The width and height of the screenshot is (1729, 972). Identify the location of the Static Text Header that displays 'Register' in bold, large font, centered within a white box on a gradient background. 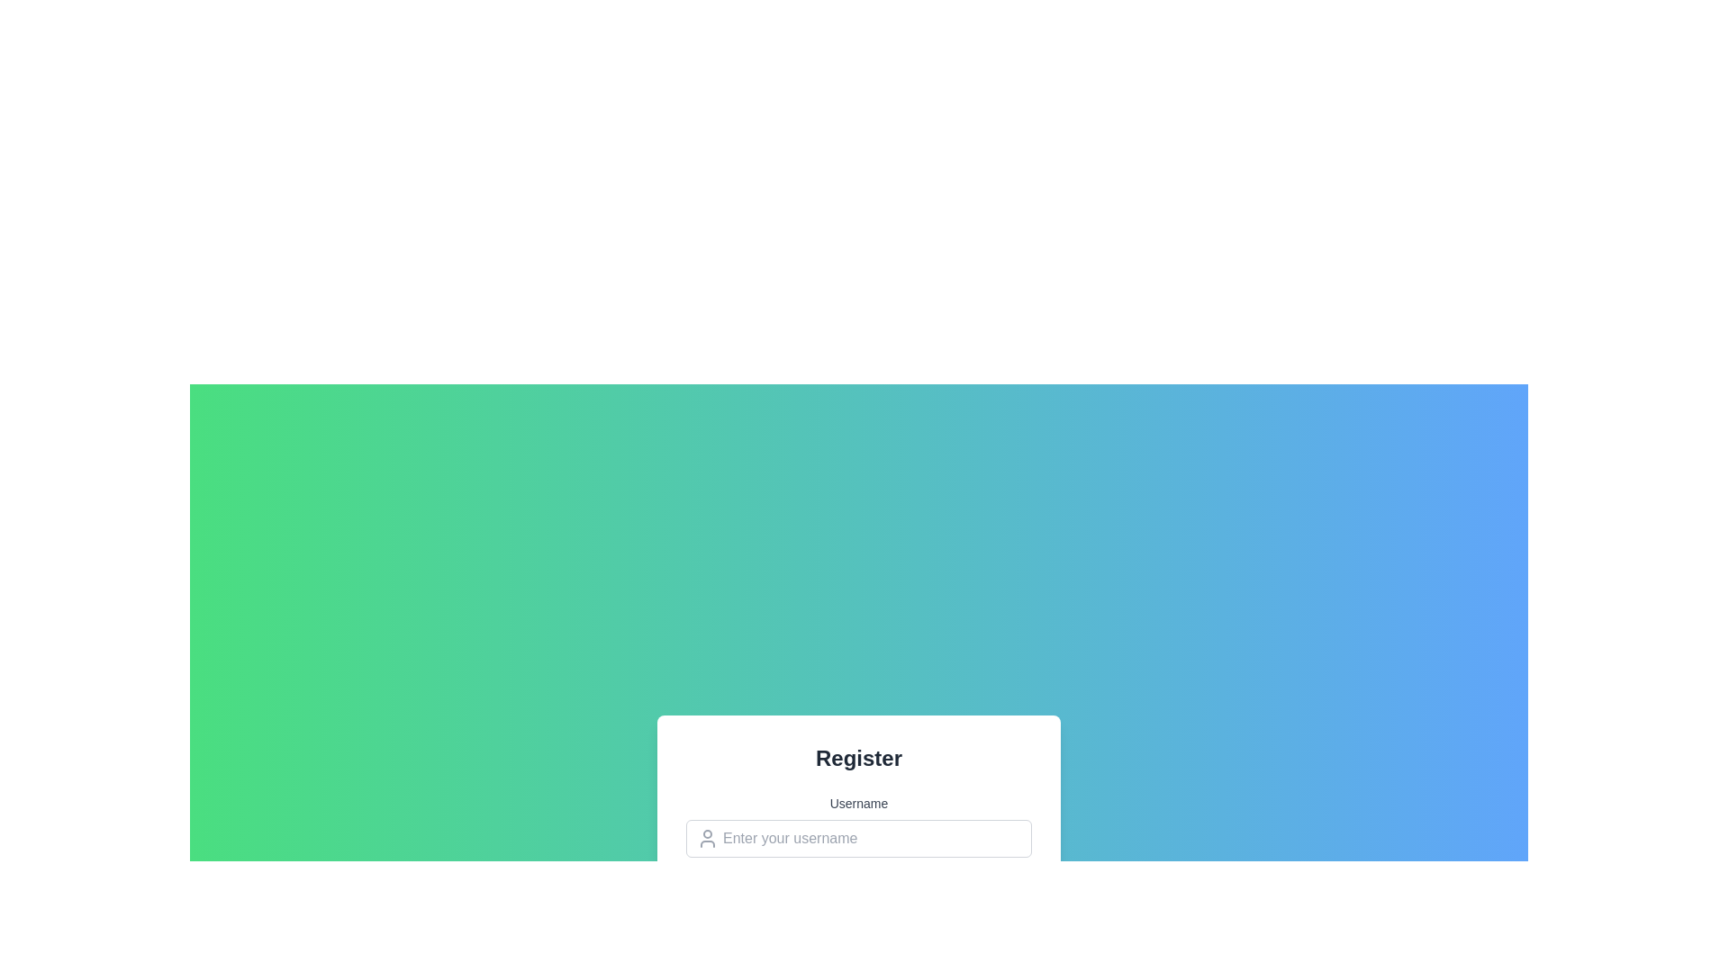
(858, 759).